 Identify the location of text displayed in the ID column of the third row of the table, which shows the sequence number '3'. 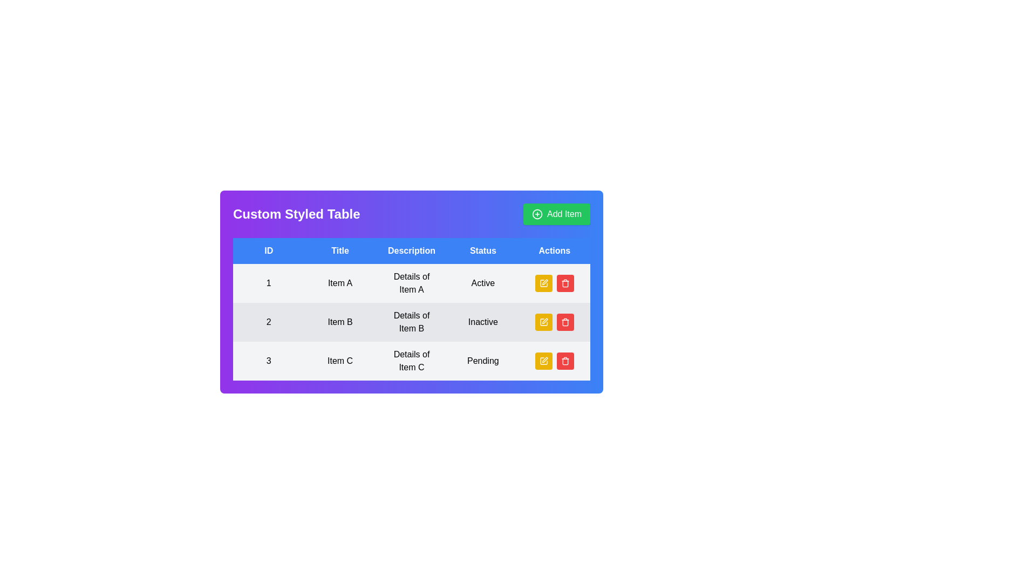
(269, 361).